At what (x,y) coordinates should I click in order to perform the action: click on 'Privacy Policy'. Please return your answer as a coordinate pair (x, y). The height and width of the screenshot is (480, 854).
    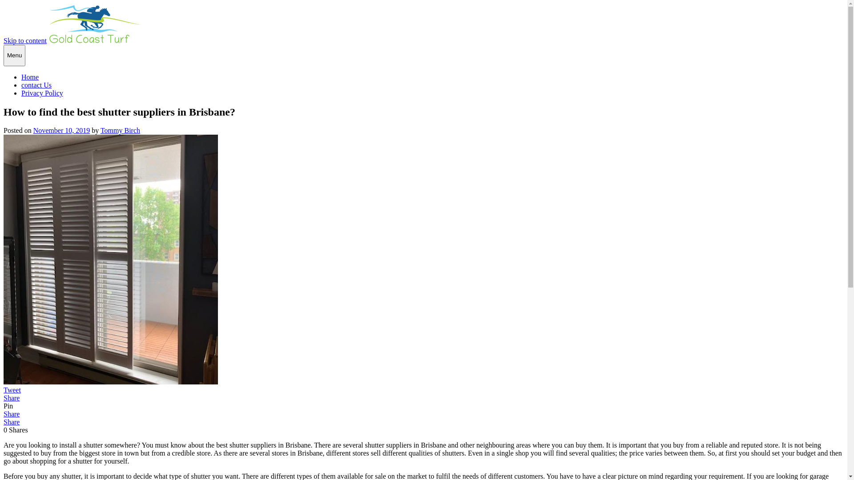
    Looking at the image, I should click on (42, 93).